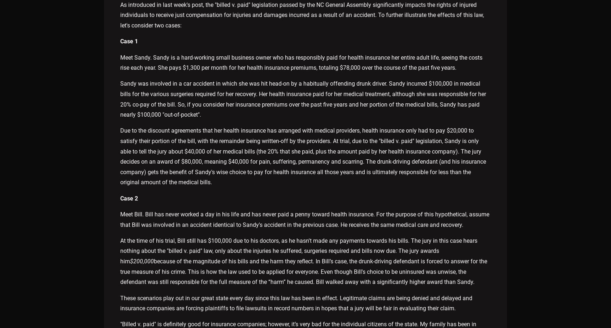  I want to click on 'View Article', so click(271, 121).